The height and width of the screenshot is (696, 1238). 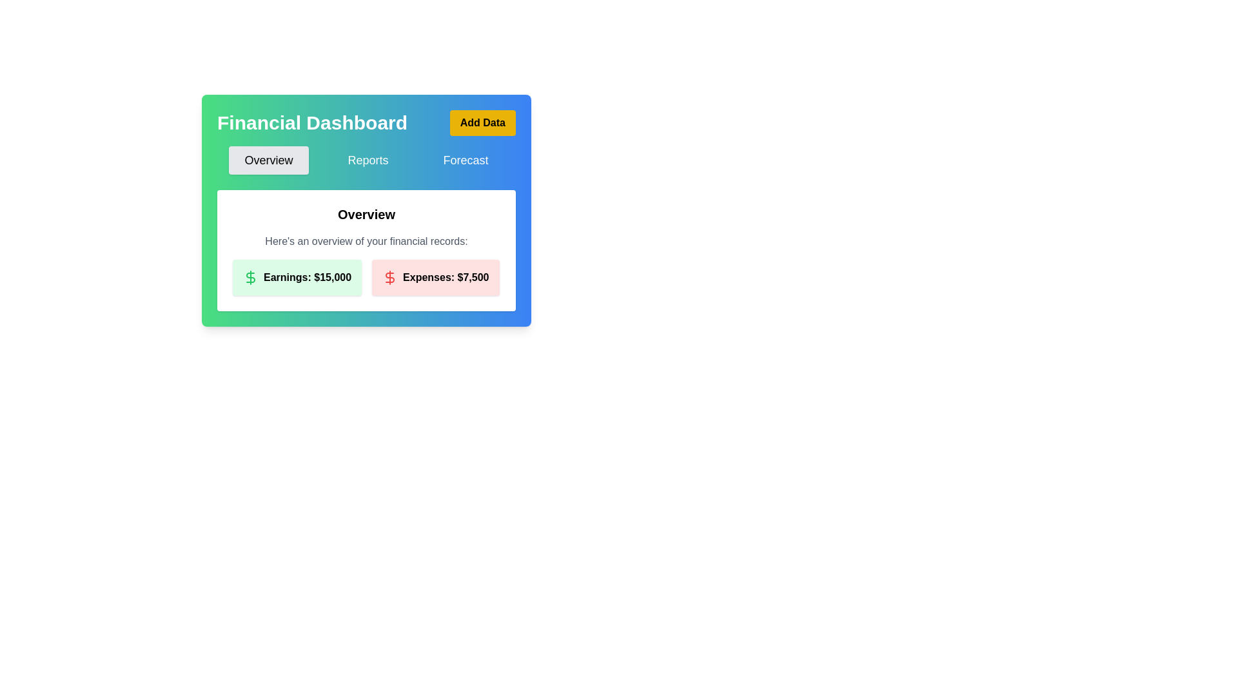 I want to click on the Text Display showing 'Expenses: $7,500' which is styled with bold font and located below the 'Overview' text block, right-aligned next to the red dollar sign icon, so click(x=446, y=277).